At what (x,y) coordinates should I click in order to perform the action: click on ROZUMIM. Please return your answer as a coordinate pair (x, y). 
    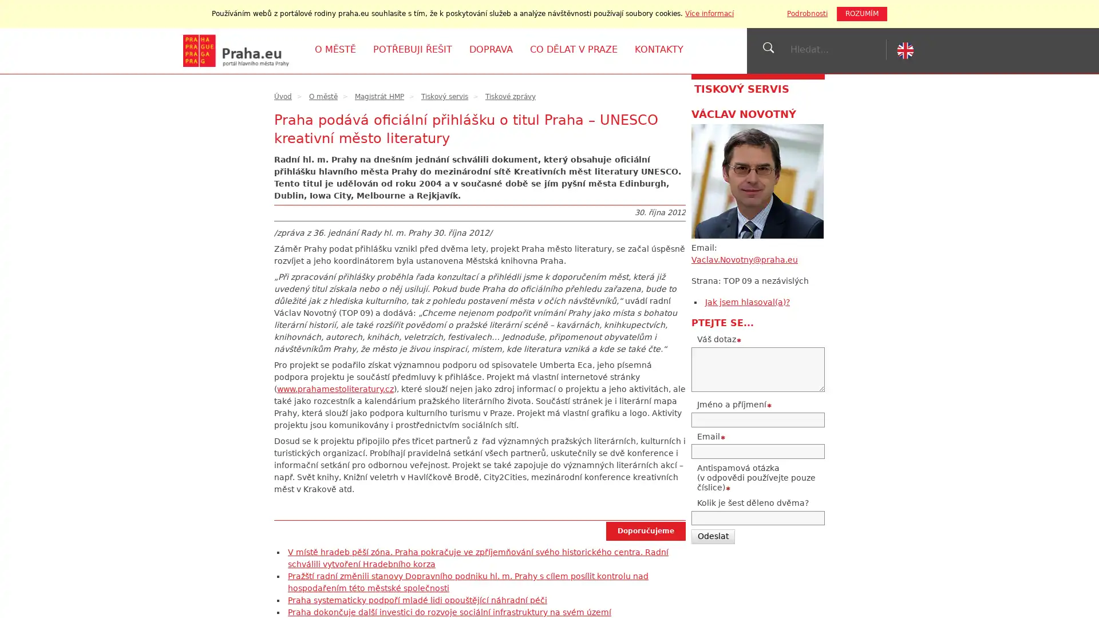
    Looking at the image, I should click on (862, 14).